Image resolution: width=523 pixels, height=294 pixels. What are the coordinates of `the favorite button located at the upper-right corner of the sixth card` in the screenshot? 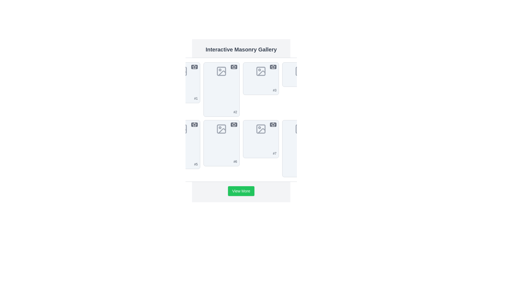 It's located at (234, 125).